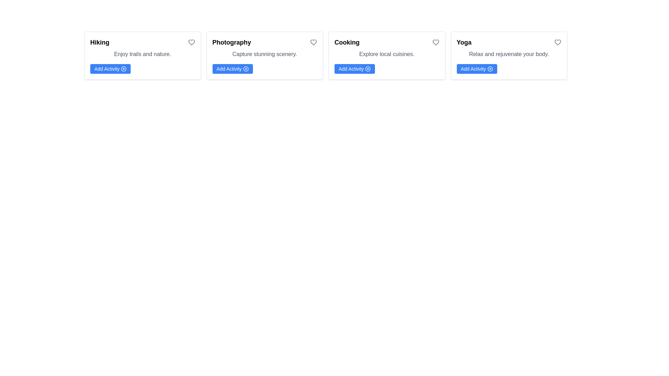 The image size is (669, 376). What do you see at coordinates (124, 69) in the screenshot?
I see `the 'Add Activity' button containing the Decorative SVG icon with a plus sign, located in the first card titled 'Hiking'` at bounding box center [124, 69].